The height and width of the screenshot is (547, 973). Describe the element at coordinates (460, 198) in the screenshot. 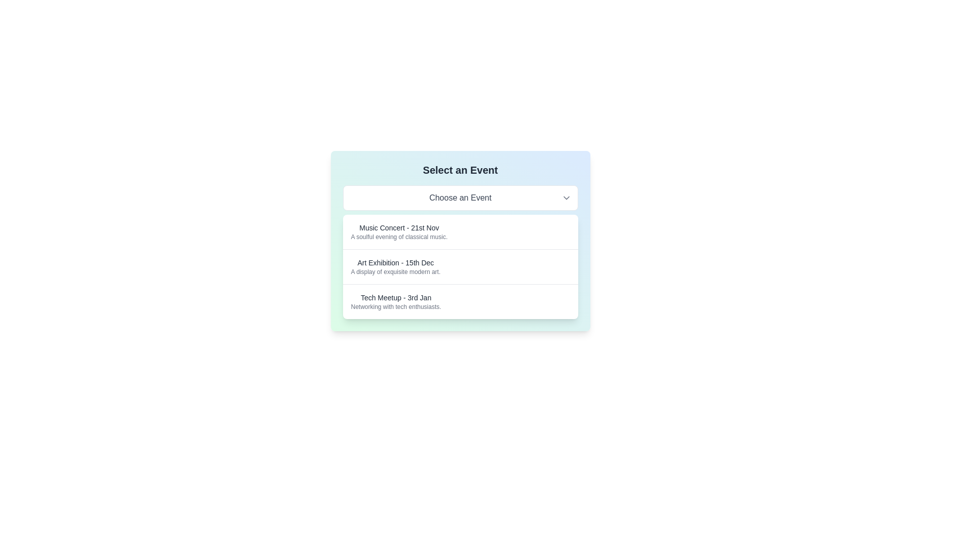

I see `the placeholder text label in the dropdown menu that prompts the user to choose from available events` at that location.